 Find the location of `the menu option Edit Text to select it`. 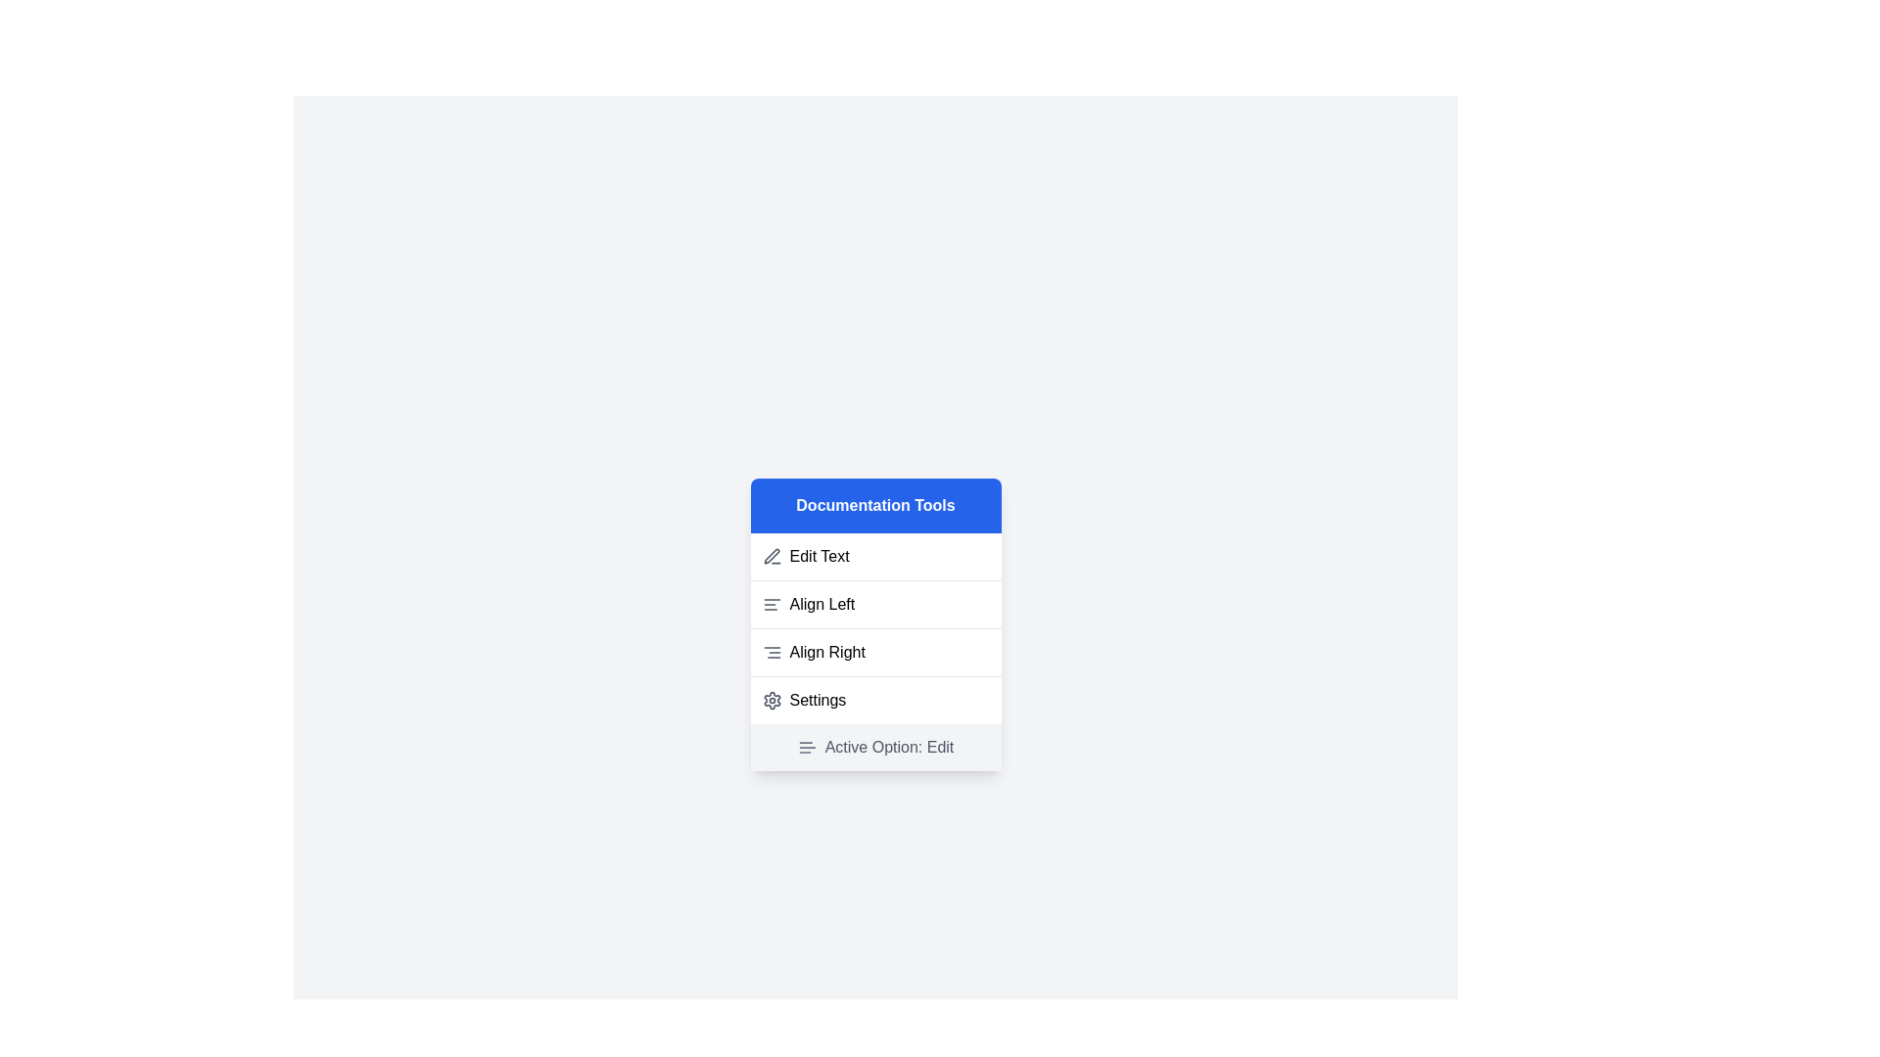

the menu option Edit Text to select it is located at coordinates (874, 556).